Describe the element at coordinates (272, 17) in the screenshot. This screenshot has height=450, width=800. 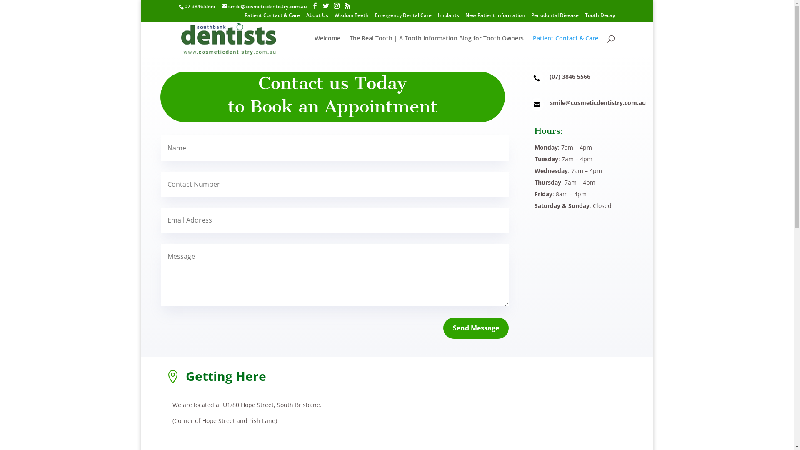
I see `'Patient Contact & Care'` at that location.